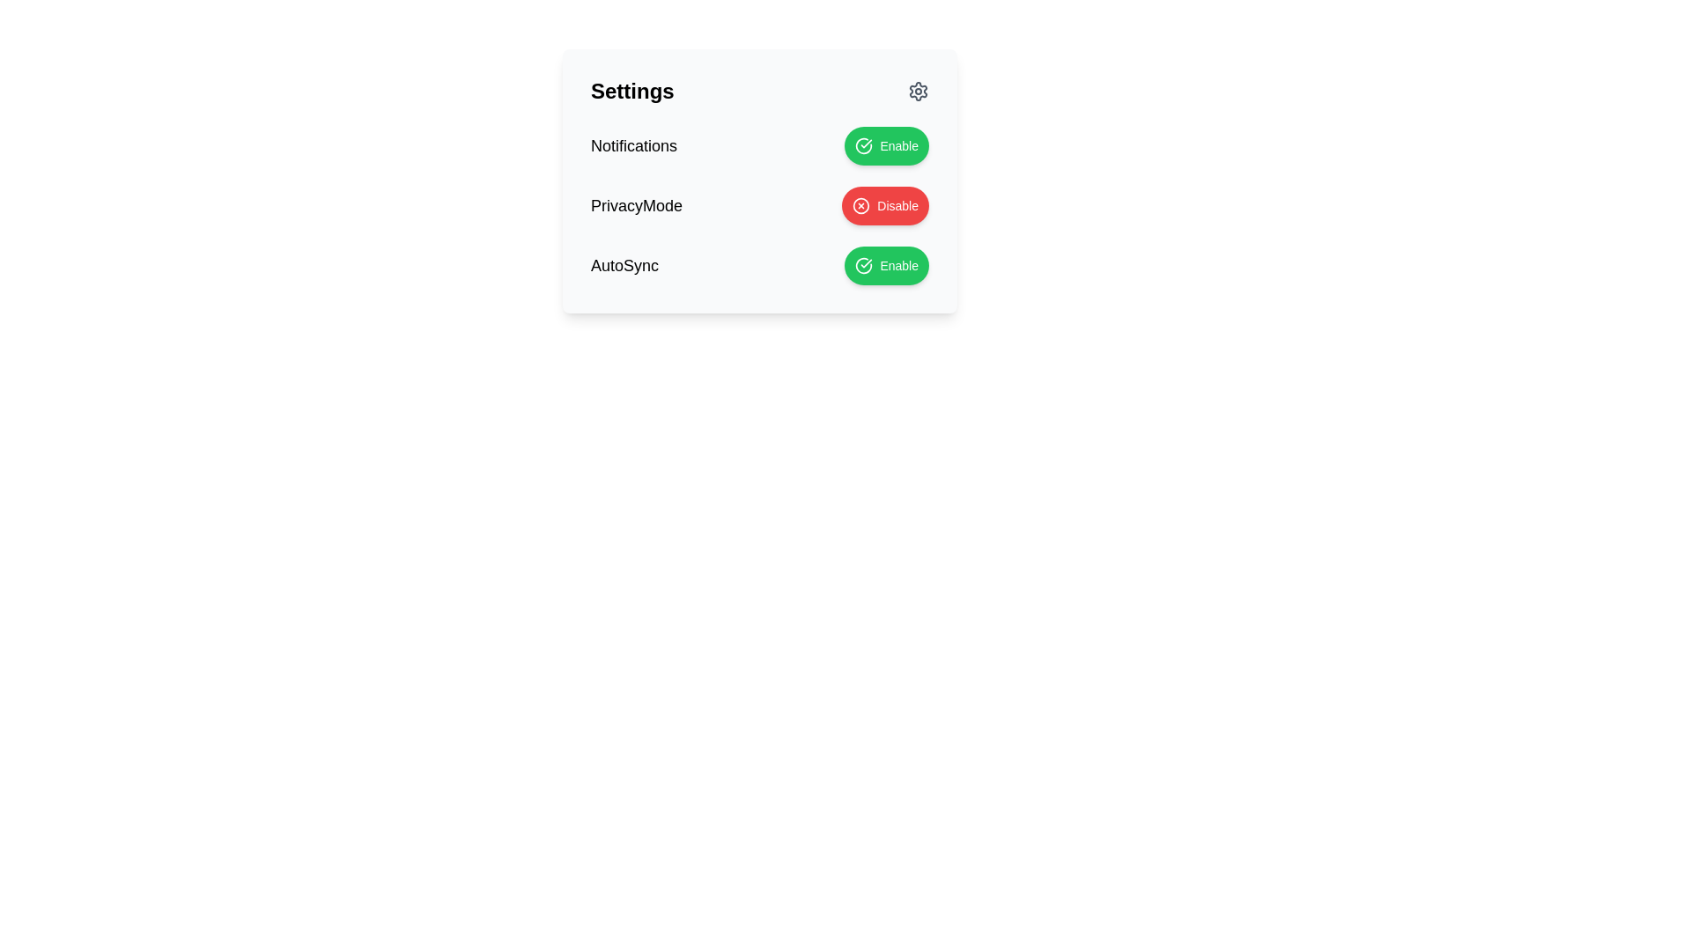 Image resolution: width=1691 pixels, height=951 pixels. I want to click on the Text Label that describes a setting option in the settings interface, which is positioned on the left-hand side of the adjacent 'Disable' button, so click(636, 205).